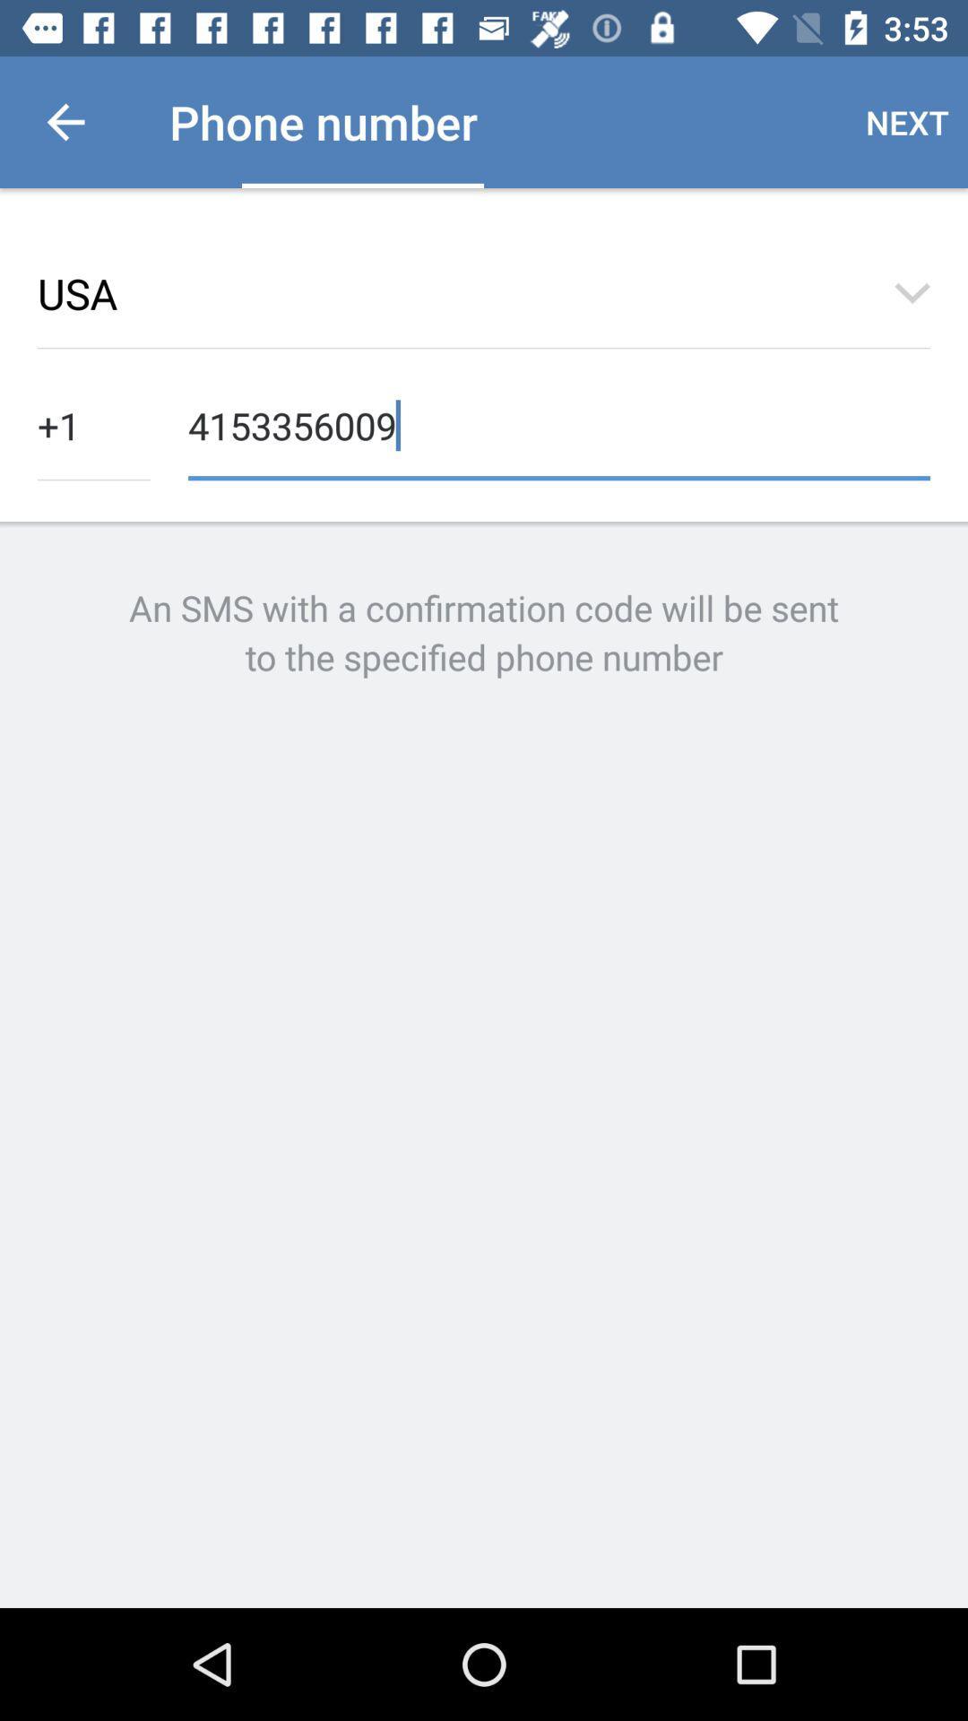 This screenshot has width=968, height=1721. Describe the element at coordinates (93, 423) in the screenshot. I see `the item to the left of 4153356009 item` at that location.